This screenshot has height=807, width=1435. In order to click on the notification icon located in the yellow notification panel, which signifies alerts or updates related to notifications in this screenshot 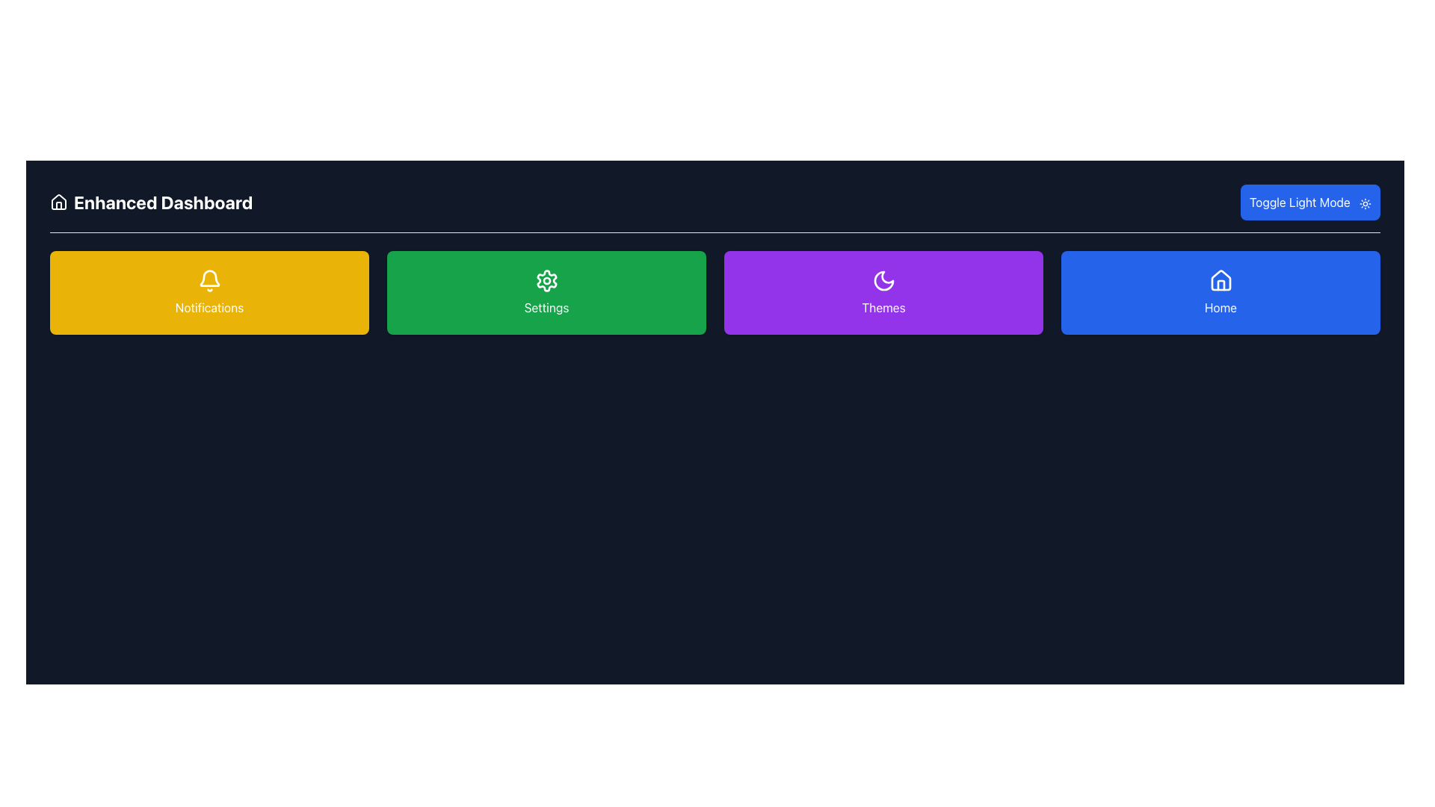, I will do `click(209, 280)`.